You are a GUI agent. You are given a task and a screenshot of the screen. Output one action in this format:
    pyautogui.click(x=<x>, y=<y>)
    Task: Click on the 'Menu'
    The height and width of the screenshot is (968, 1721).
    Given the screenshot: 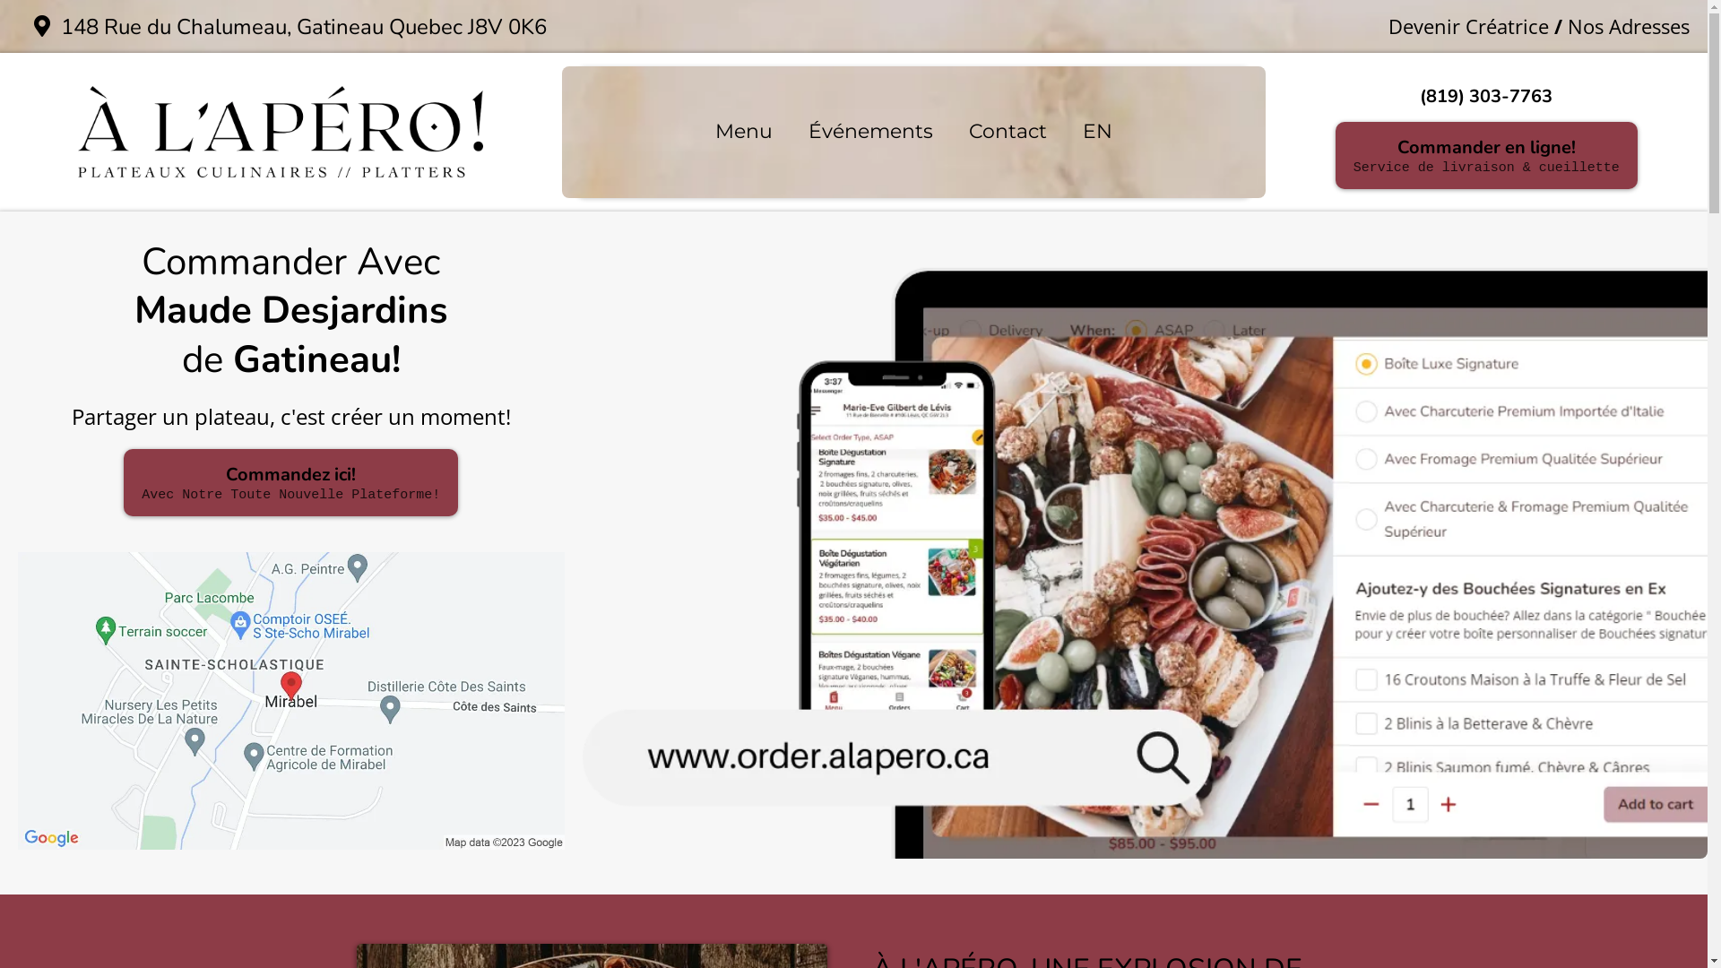 What is the action you would take?
    pyautogui.click(x=696, y=131)
    